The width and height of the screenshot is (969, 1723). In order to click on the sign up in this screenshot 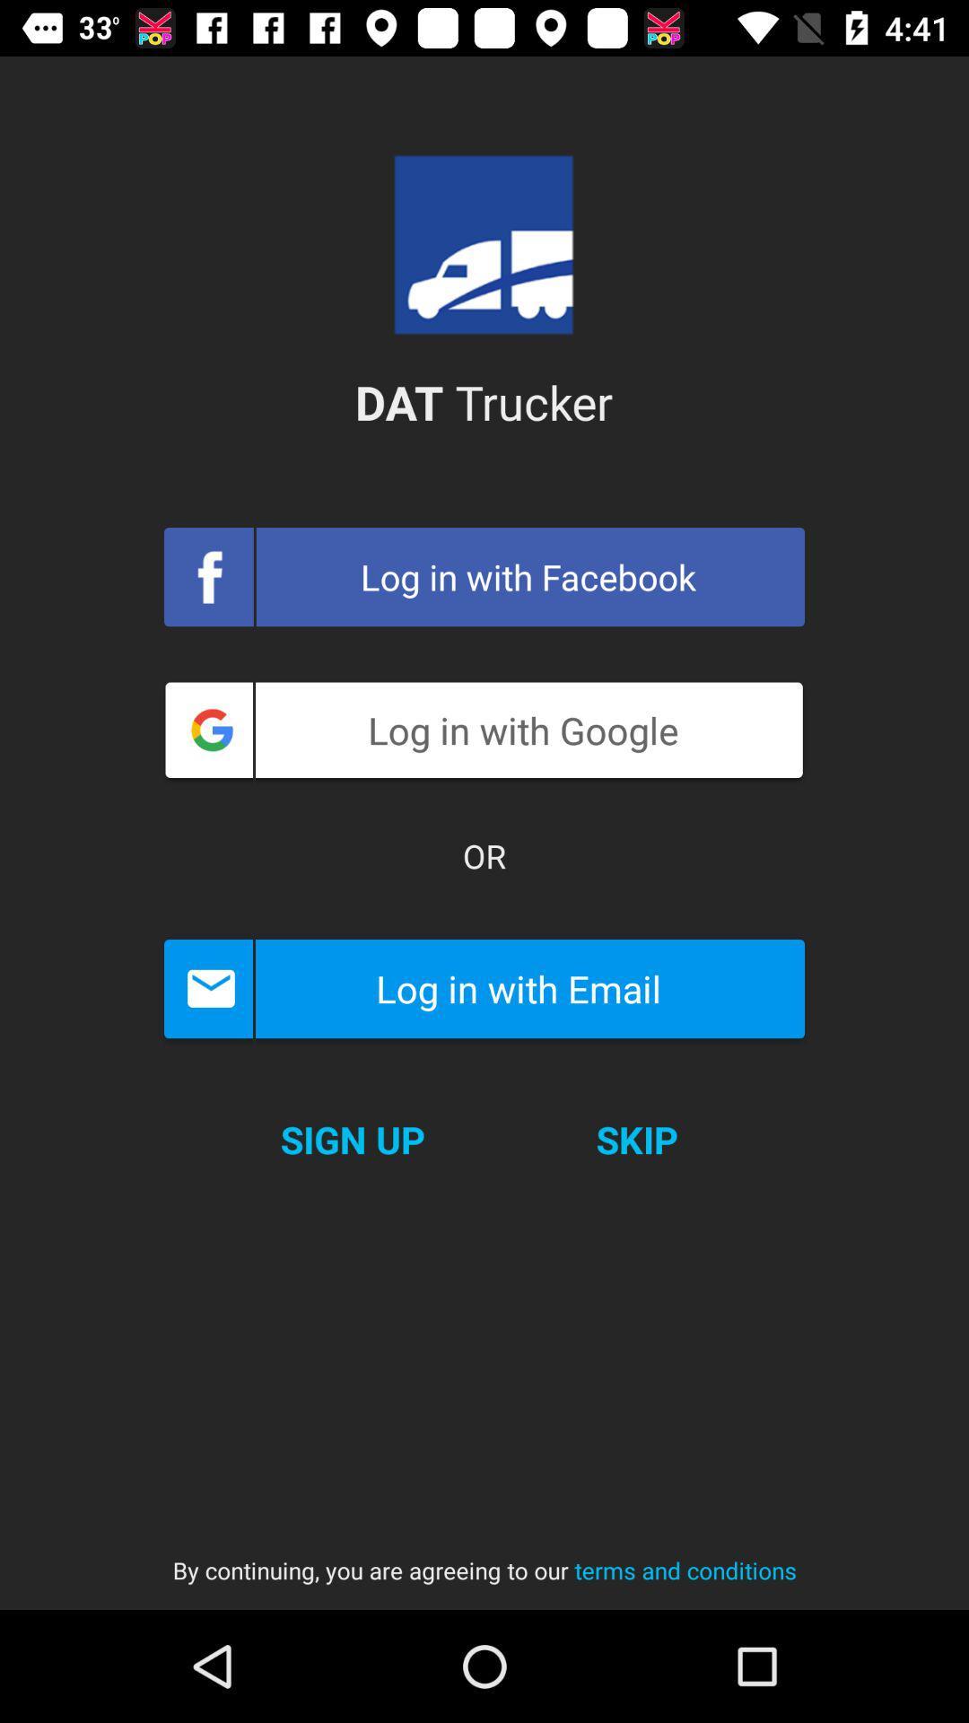, I will do `click(353, 1139)`.